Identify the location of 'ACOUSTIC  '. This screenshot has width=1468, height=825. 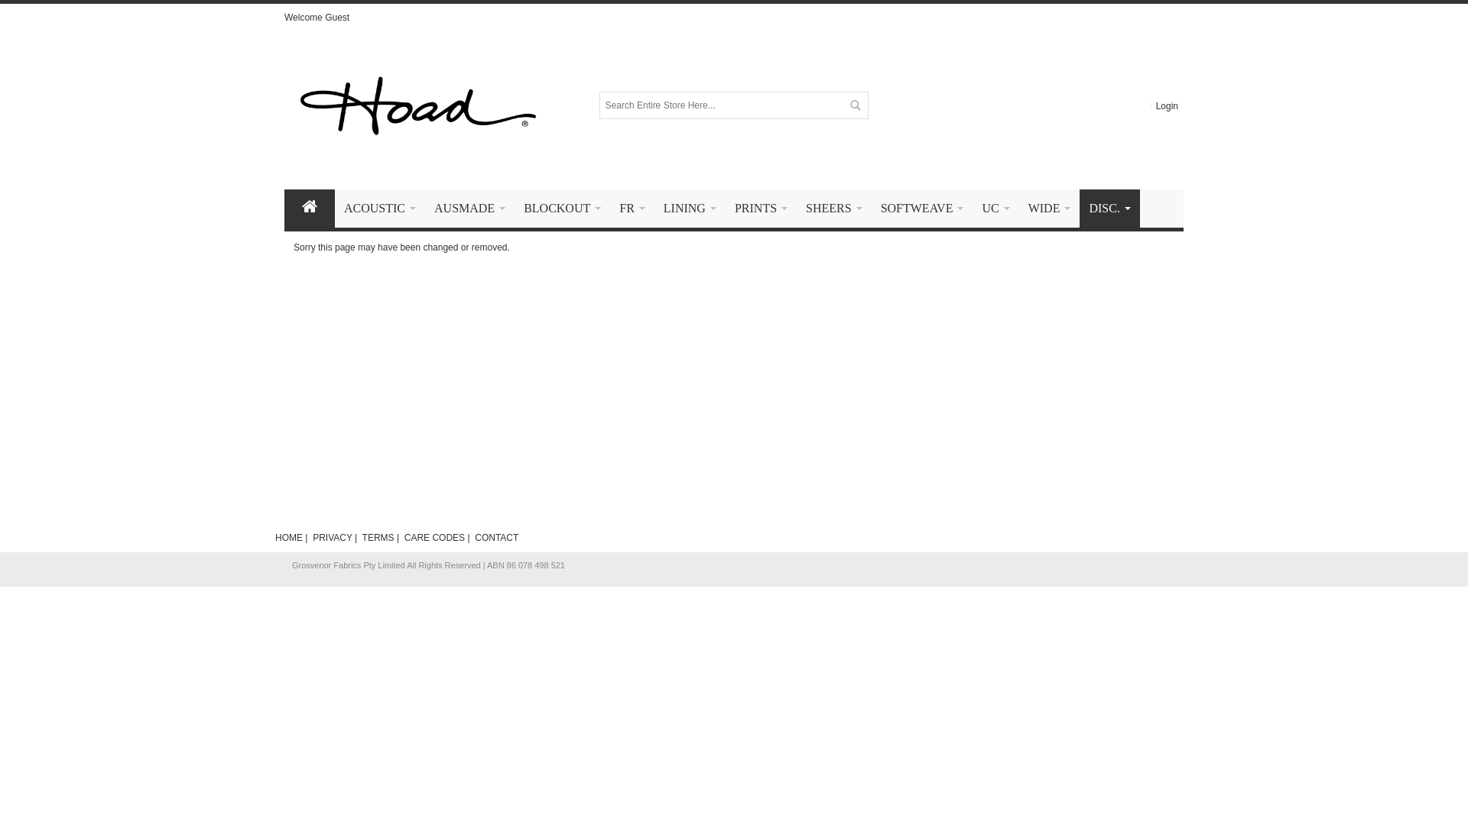
(380, 209).